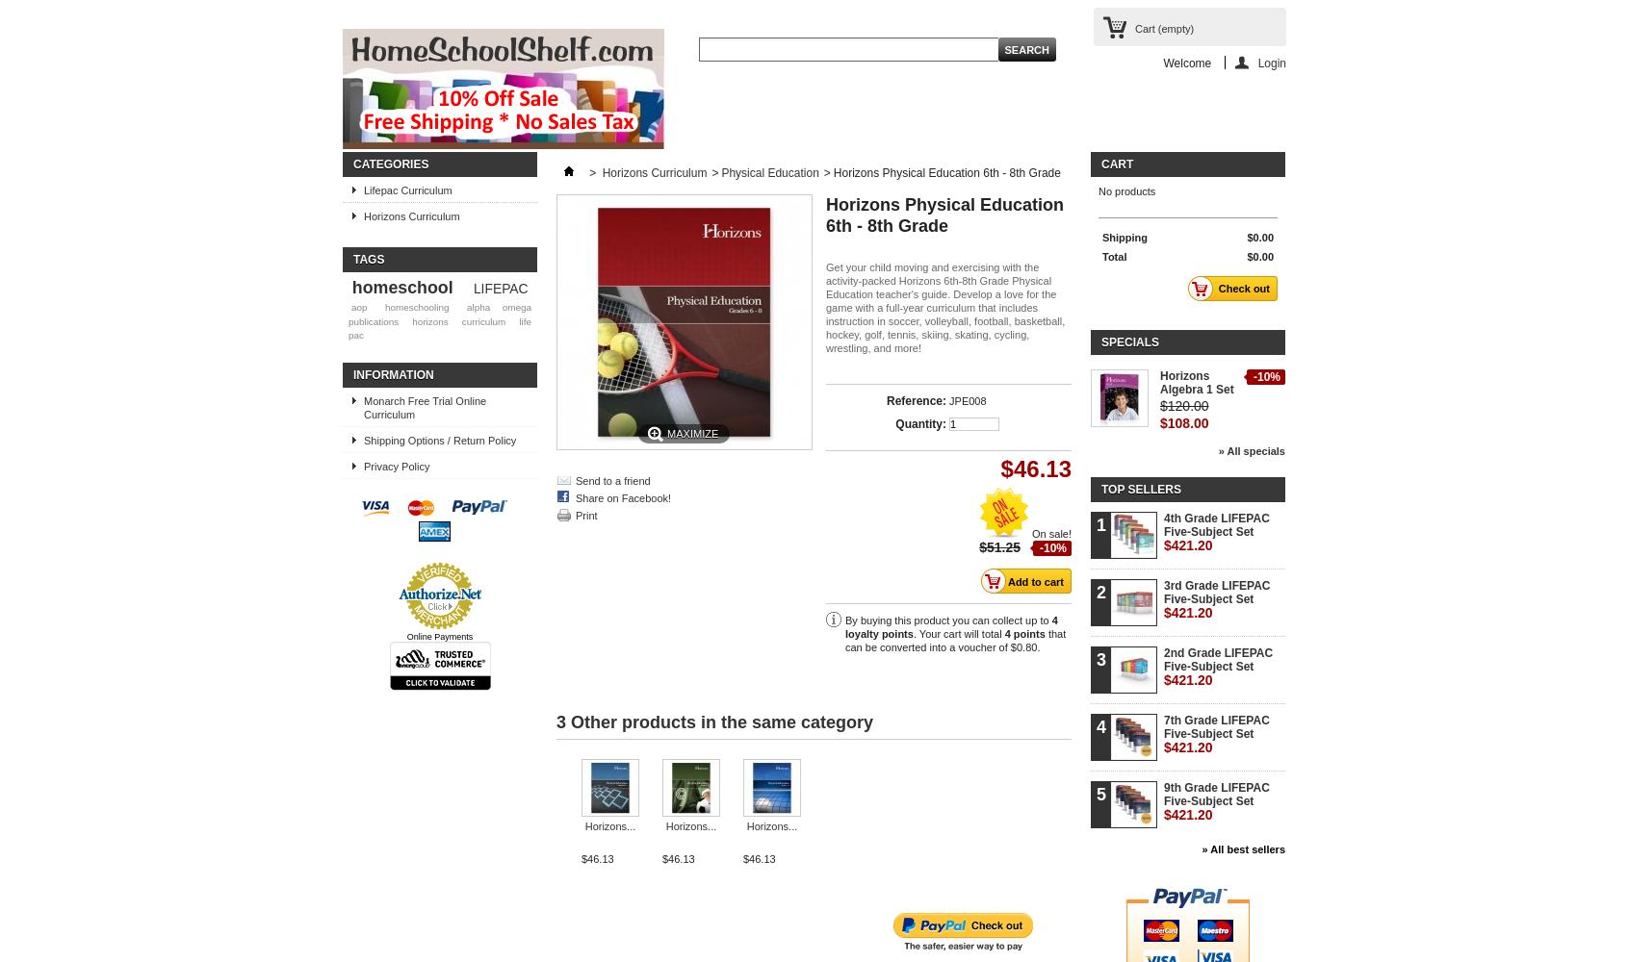  What do you see at coordinates (1100, 237) in the screenshot?
I see `'Shipping'` at bounding box center [1100, 237].